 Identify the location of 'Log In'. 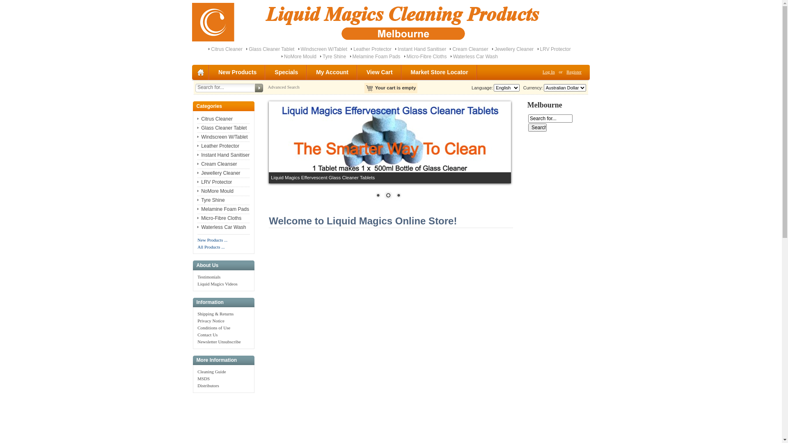
(549, 71).